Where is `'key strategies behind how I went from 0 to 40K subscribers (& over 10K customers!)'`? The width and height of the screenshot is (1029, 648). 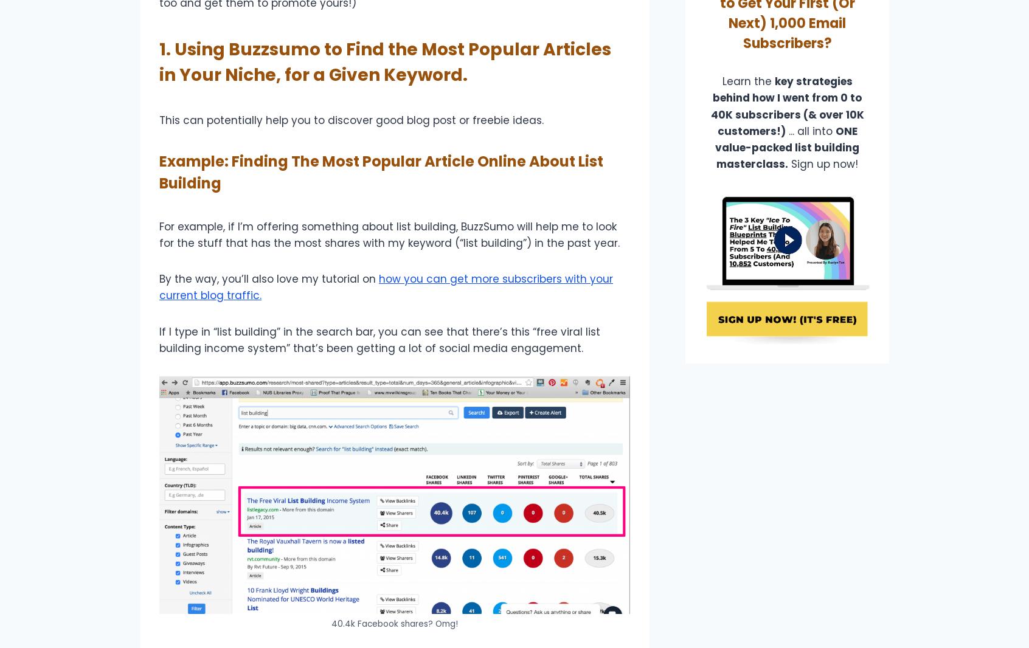 'key strategies behind how I went from 0 to 40K subscribers (& over 10K customers!)' is located at coordinates (709, 105).